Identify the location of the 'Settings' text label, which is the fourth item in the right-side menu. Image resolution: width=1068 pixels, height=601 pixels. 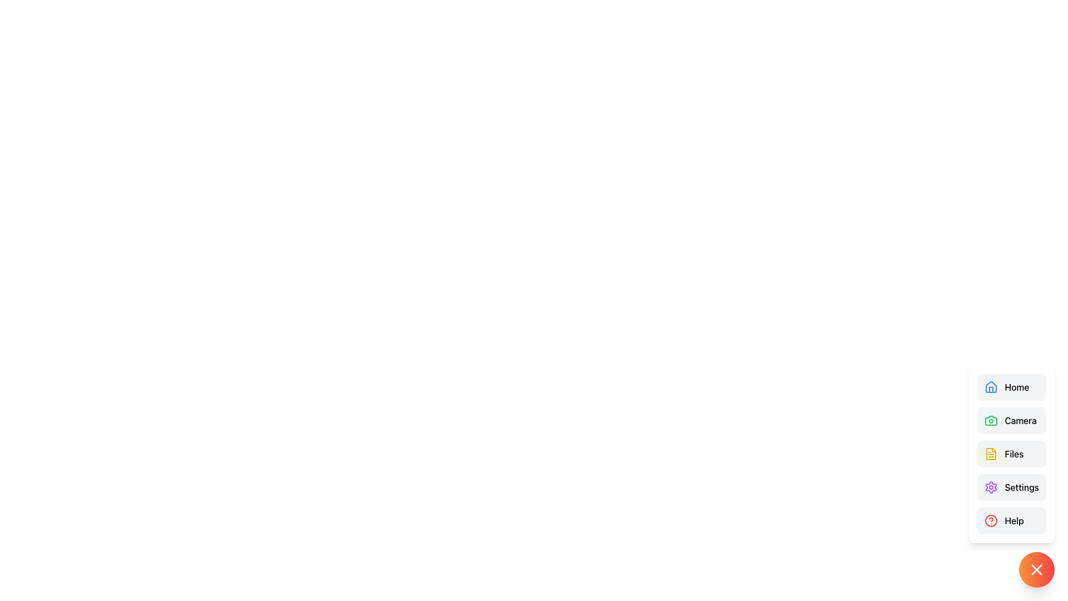
(1022, 486).